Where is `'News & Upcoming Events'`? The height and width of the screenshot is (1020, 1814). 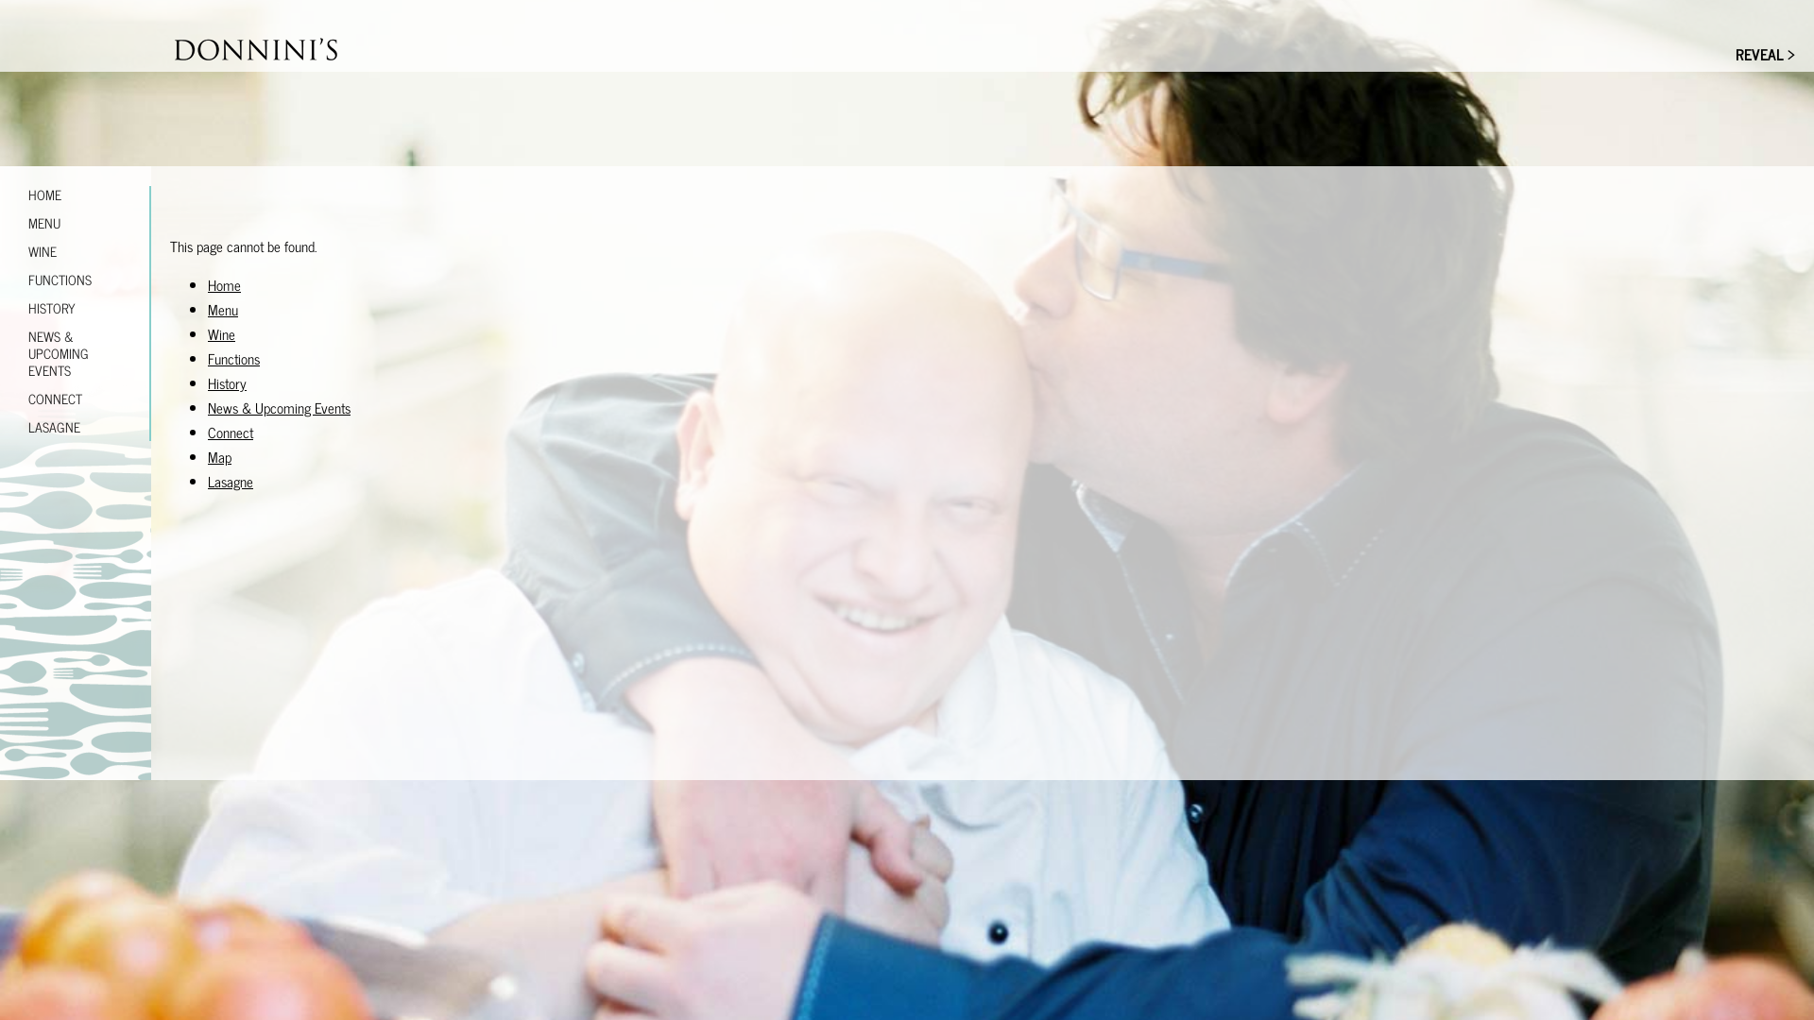
'News & Upcoming Events' is located at coordinates (208, 406).